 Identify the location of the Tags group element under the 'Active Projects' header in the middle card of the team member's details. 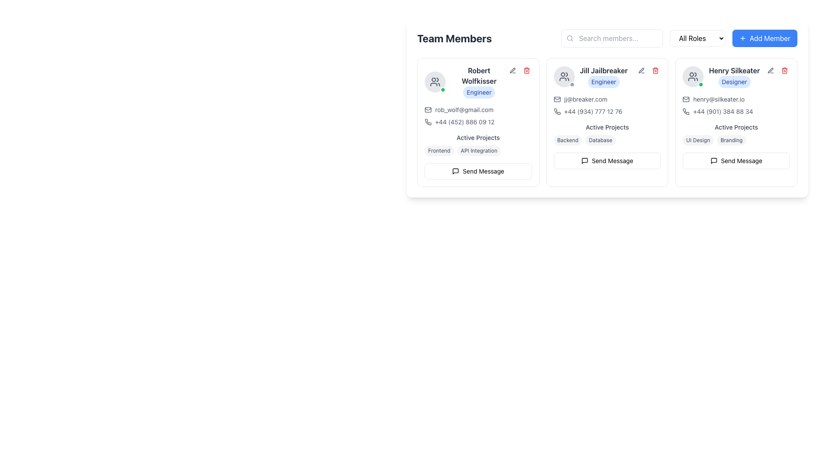
(607, 140).